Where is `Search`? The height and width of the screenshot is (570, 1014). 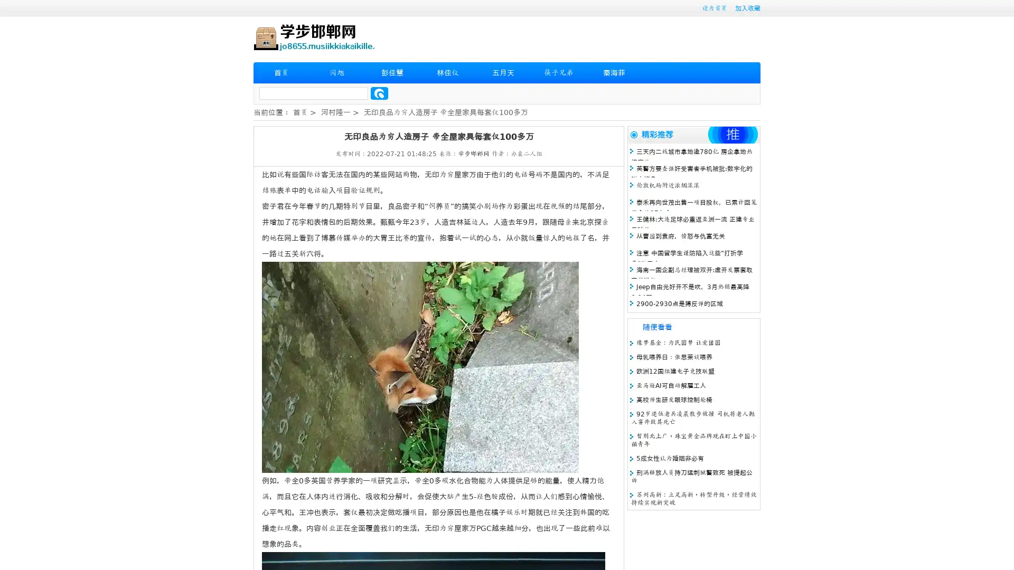 Search is located at coordinates (379, 93).